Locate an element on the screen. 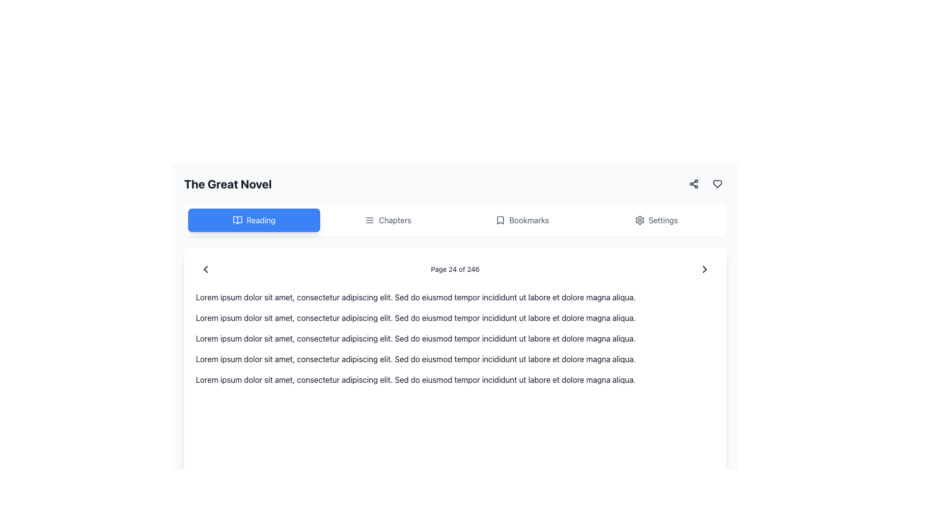  the book icon located within the 'Reading' button at the top left of the horizontal navigation bar, which has a bright blue background and rounded edges is located at coordinates (238, 219).